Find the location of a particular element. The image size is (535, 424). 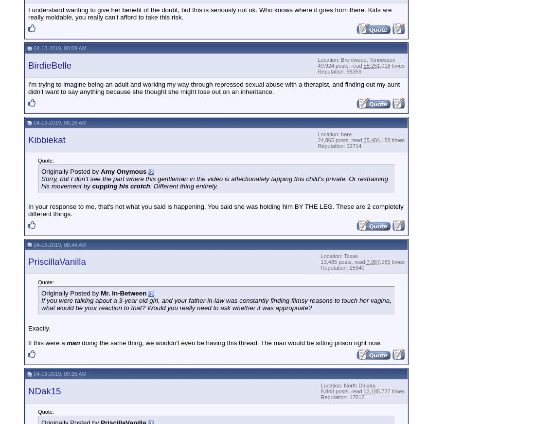

'04-13-2019, 08:09 AM' is located at coordinates (59, 48).